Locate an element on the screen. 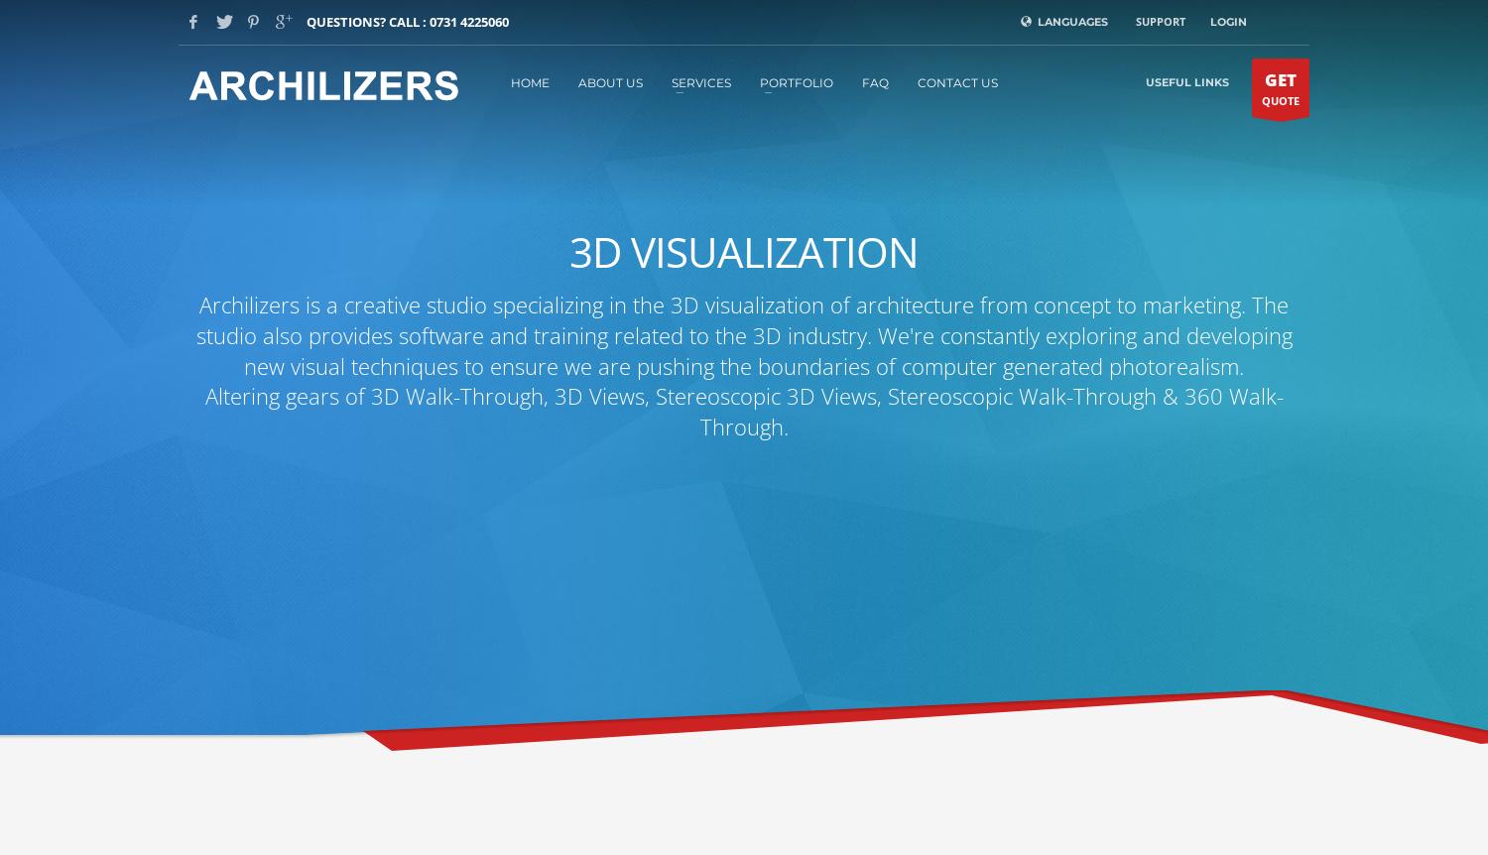 This screenshot has height=855, width=1488. '3D VISUALIZATION' is located at coordinates (744, 249).